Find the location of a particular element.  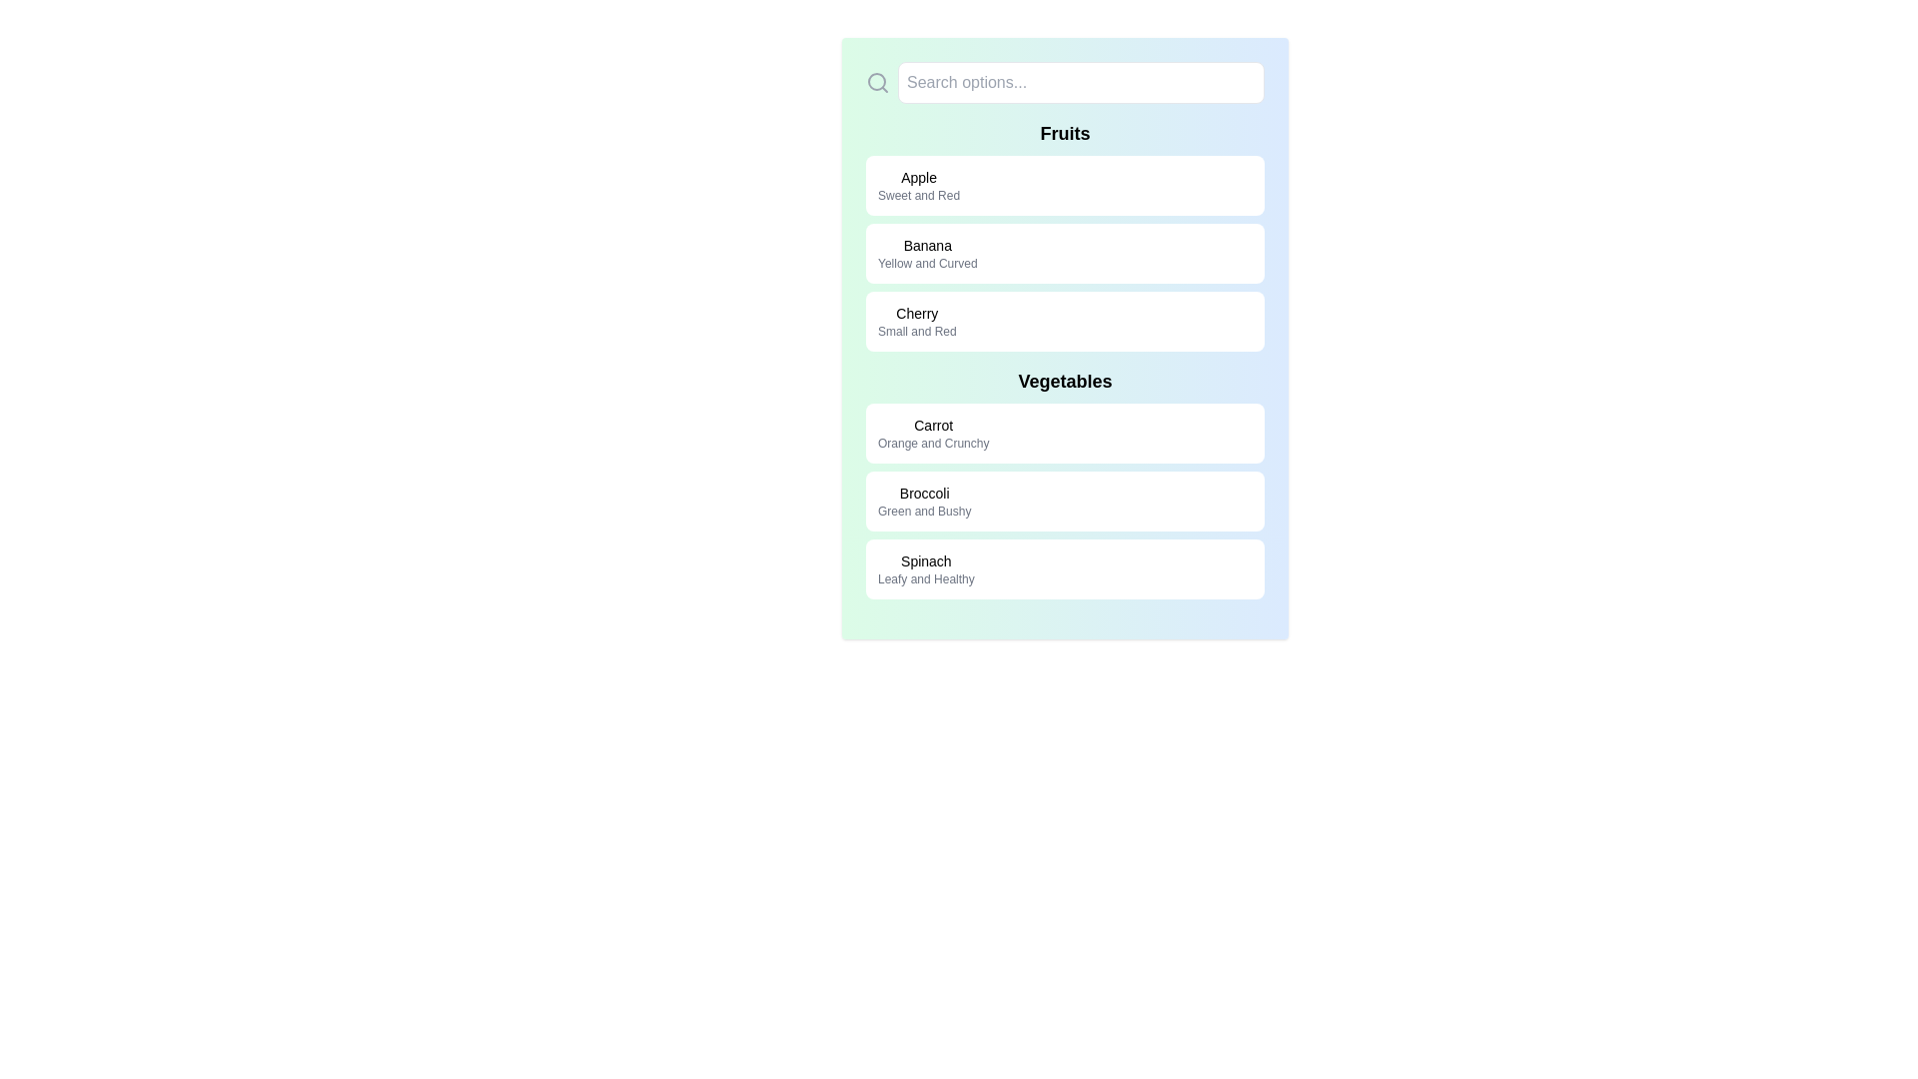

the List item titled 'Carrot' with the subtitle 'Orange and Crunchy' is located at coordinates (1064, 433).